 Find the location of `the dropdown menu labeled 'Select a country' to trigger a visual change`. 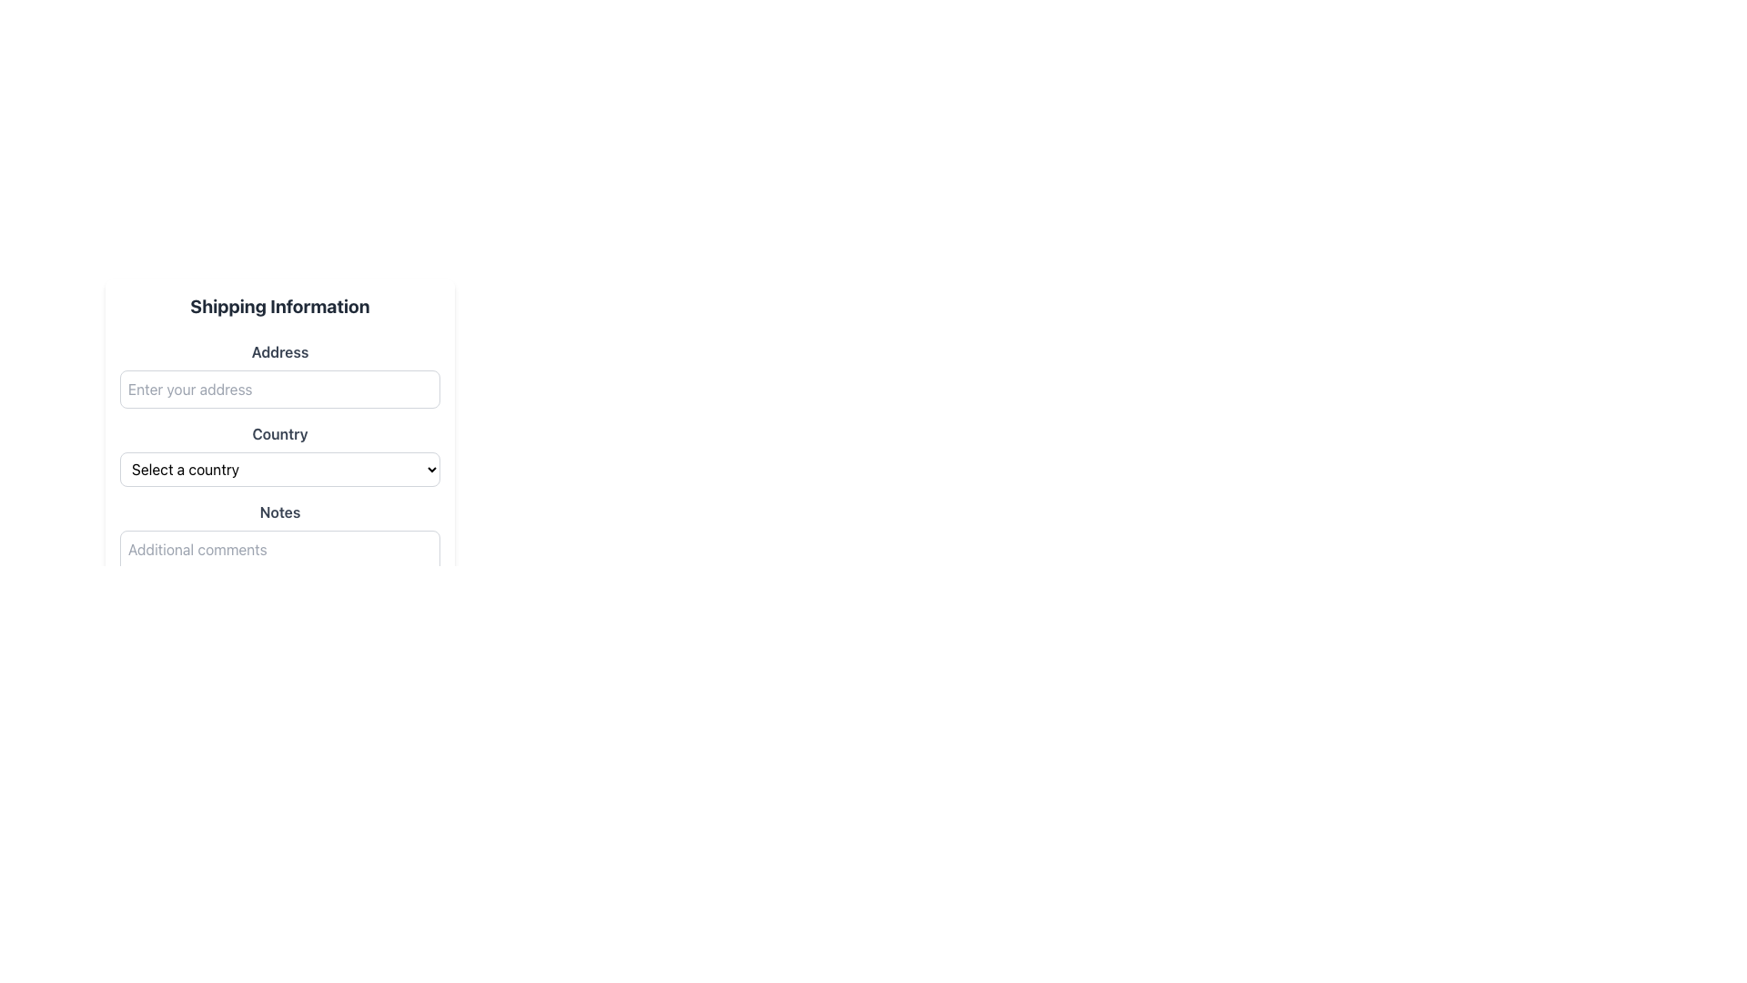

the dropdown menu labeled 'Select a country' to trigger a visual change is located at coordinates (278, 469).